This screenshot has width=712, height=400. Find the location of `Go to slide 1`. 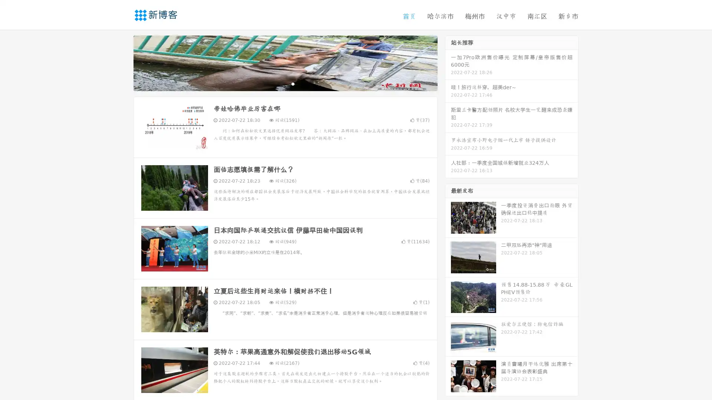

Go to slide 1 is located at coordinates (277, 83).